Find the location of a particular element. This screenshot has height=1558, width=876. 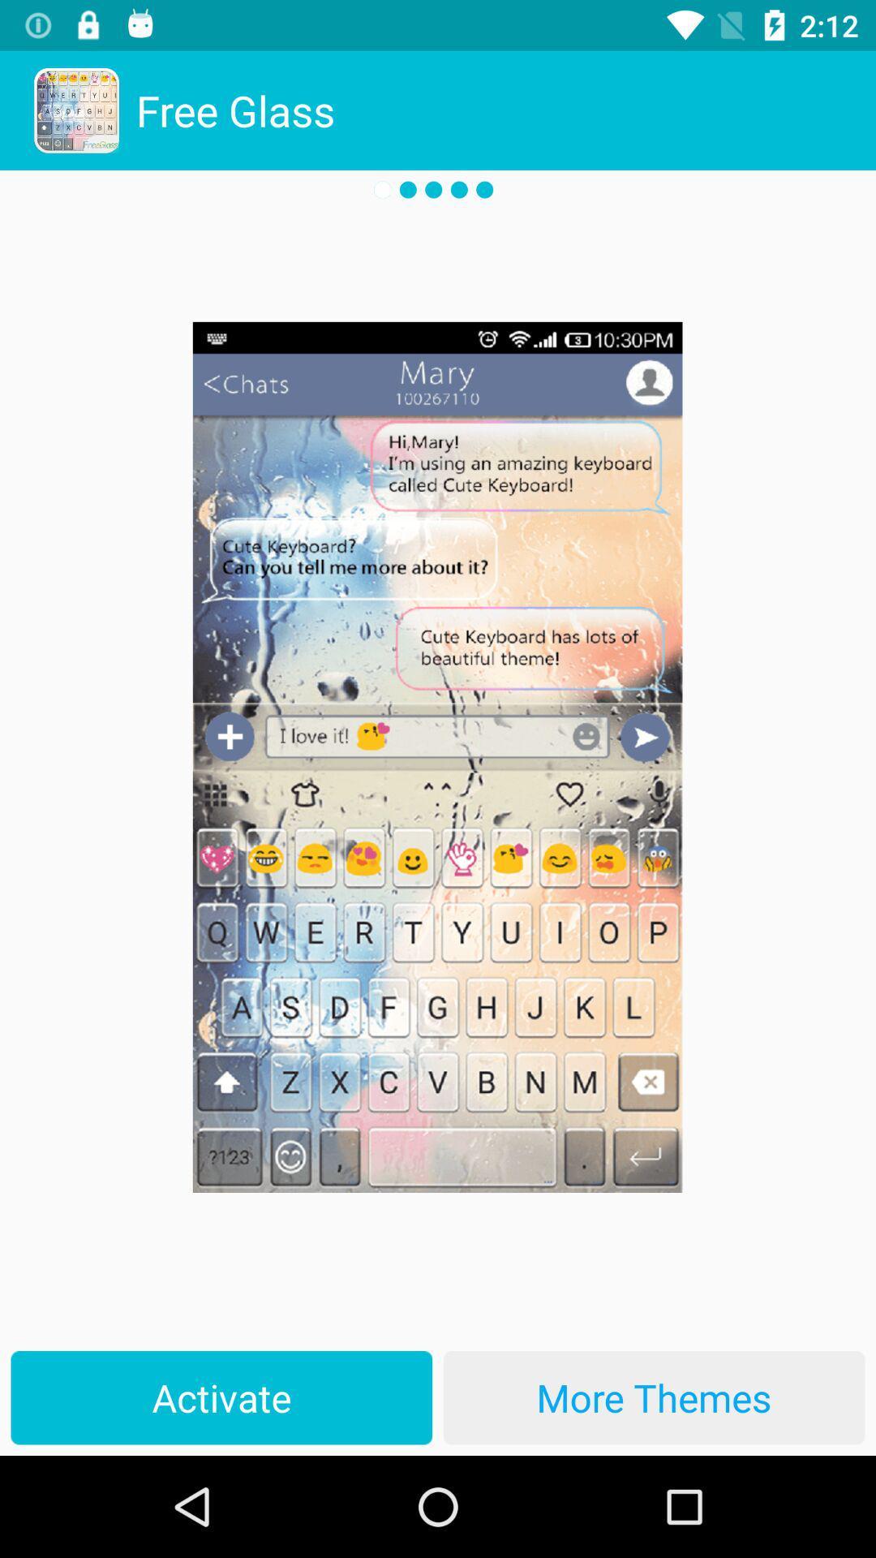

the more themes icon is located at coordinates (653, 1397).